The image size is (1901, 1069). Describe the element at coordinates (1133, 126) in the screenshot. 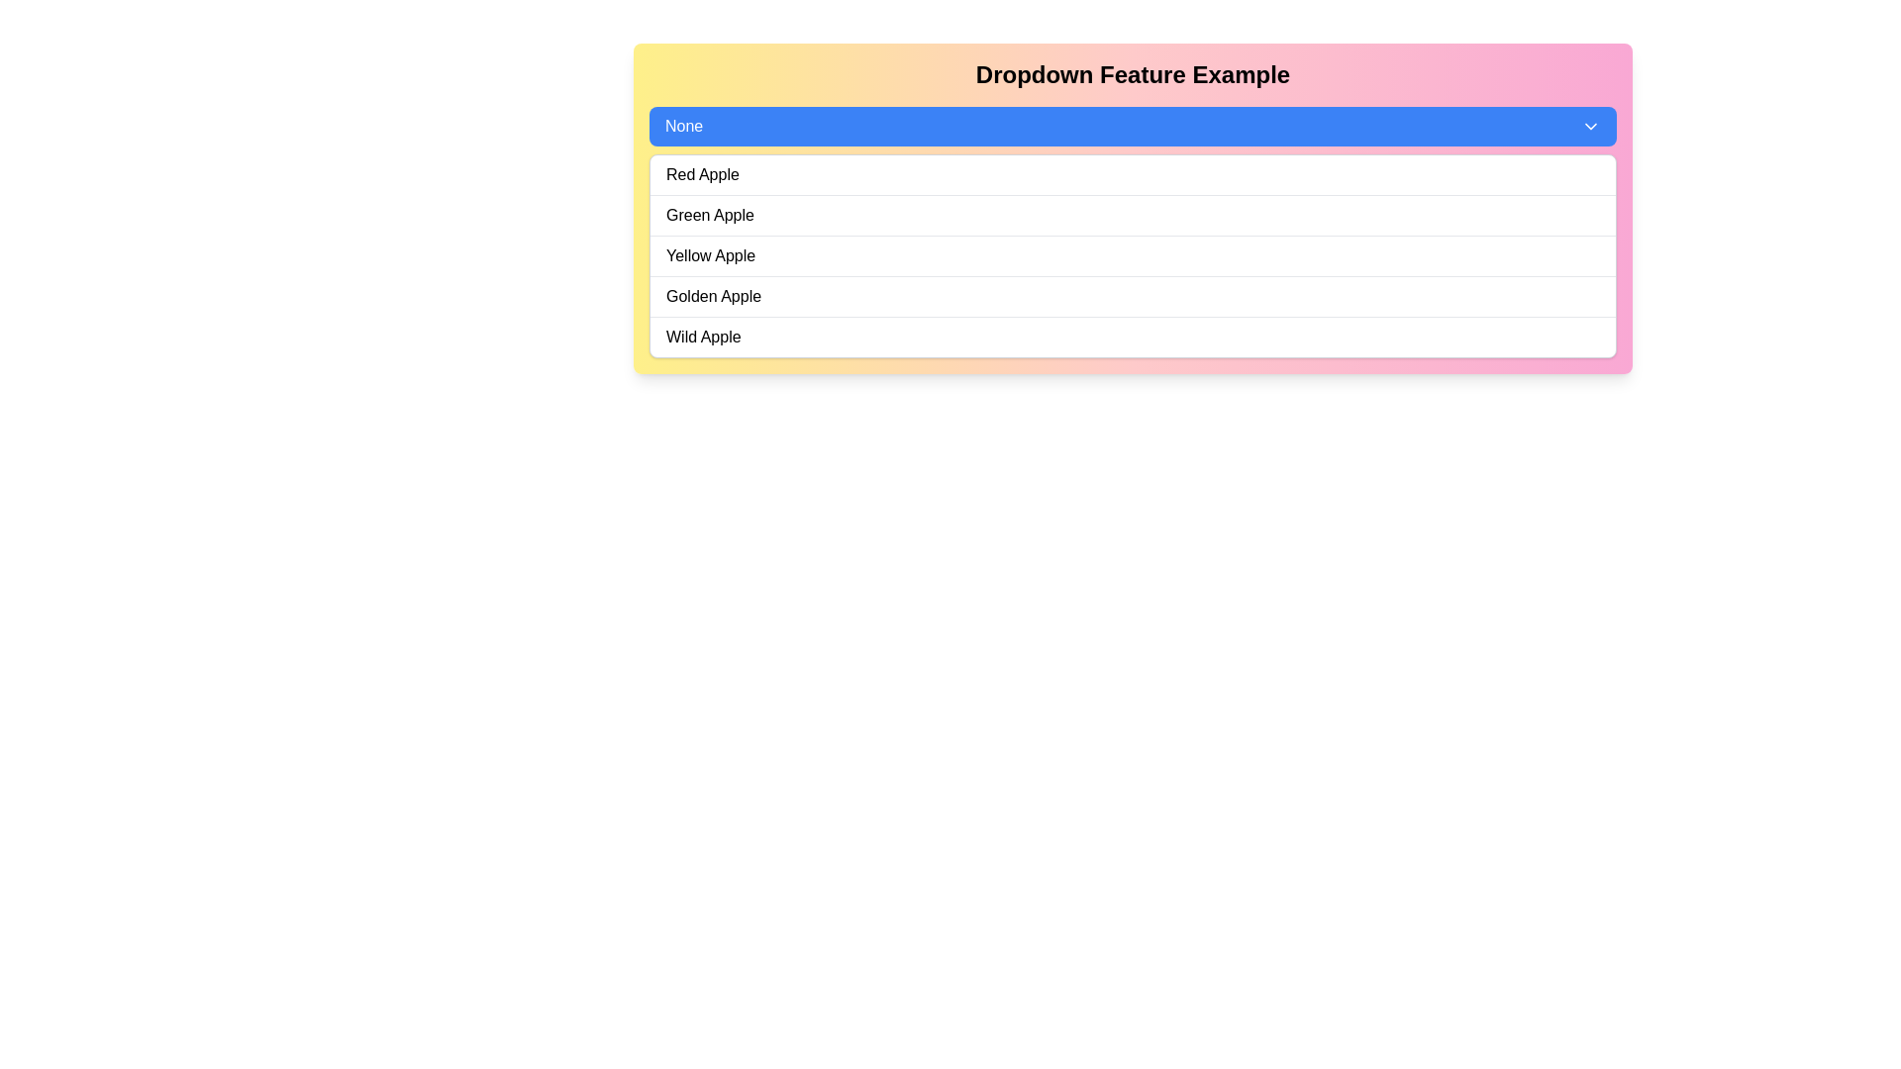

I see `the dropdown menu located beneath the title 'Dropdown Feature Example' to enable keyboard navigation` at that location.